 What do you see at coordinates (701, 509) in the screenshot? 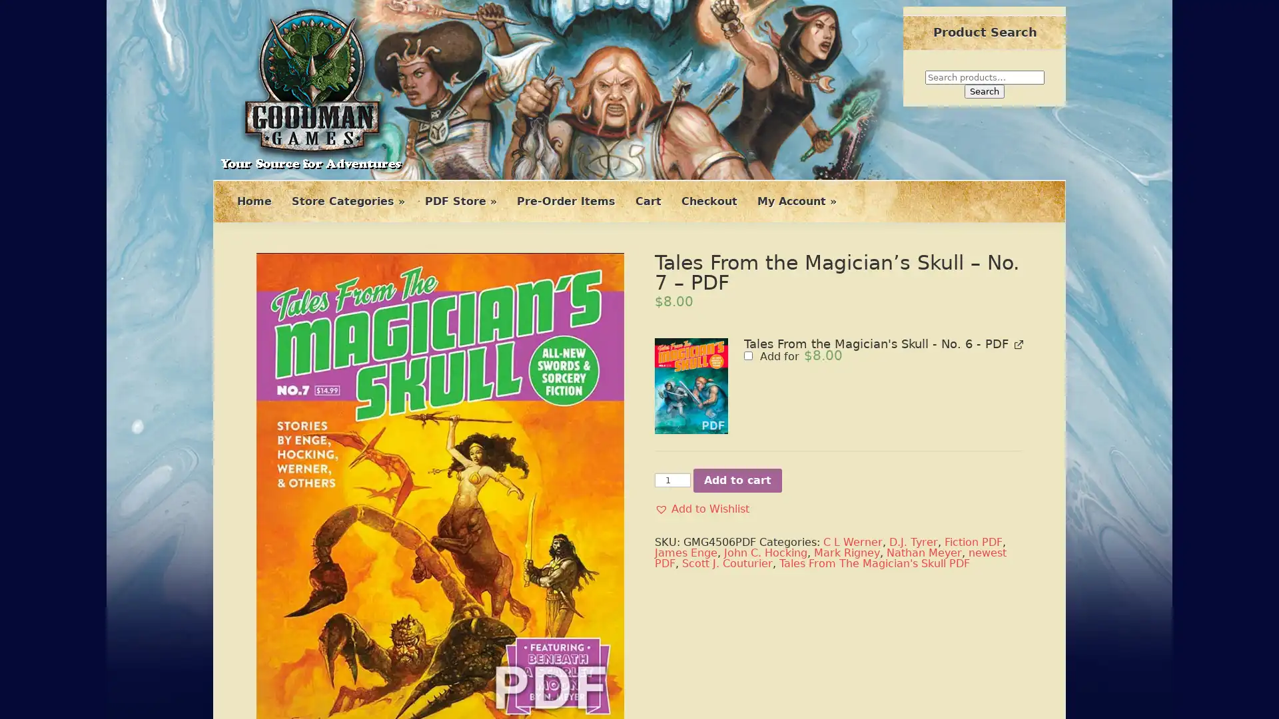
I see `Add to Wishlist` at bounding box center [701, 509].